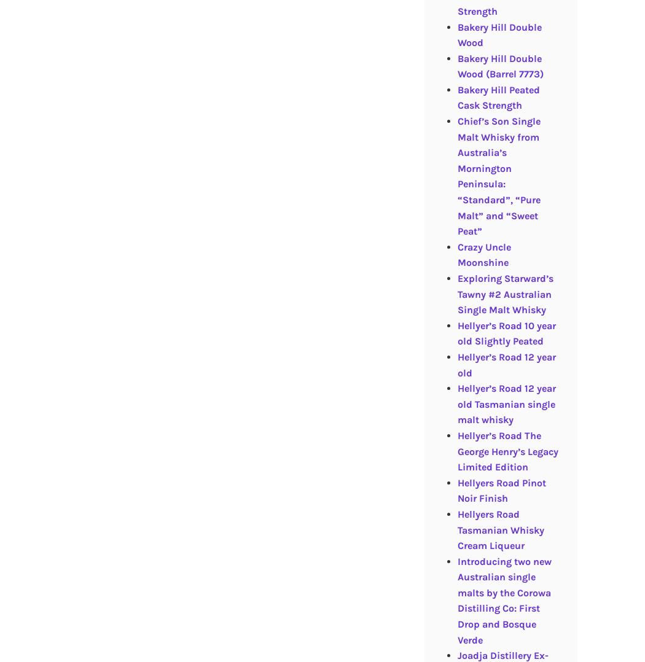 The width and height of the screenshot is (645, 662). Describe the element at coordinates (506, 404) in the screenshot. I see `'Hellyer’s Road 12 year old Tasmanian single malt whisky'` at that location.